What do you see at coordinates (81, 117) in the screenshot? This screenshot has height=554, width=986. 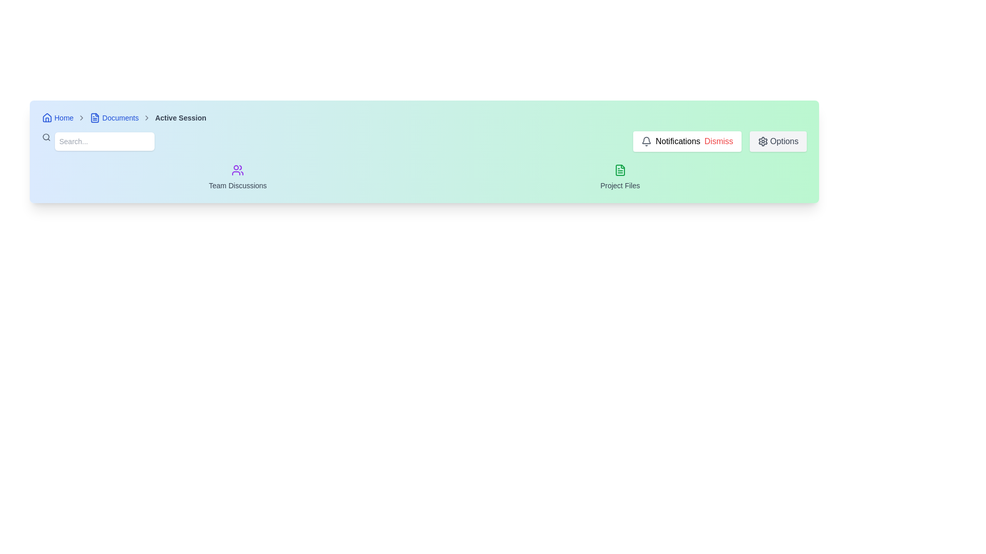 I see `the right-facing chevron icon in the breadcrumb navigation bar, which is styled in a thin, outlined format and appears in gray between 'Home' and 'Documents'` at bounding box center [81, 117].